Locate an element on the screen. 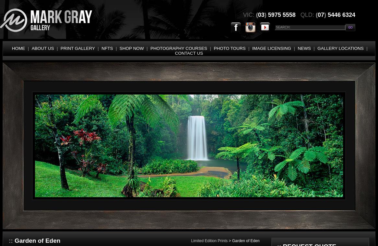 This screenshot has width=378, height=246. 'JETTIES / BOATS / STRUCTURES' is located at coordinates (39, 175).